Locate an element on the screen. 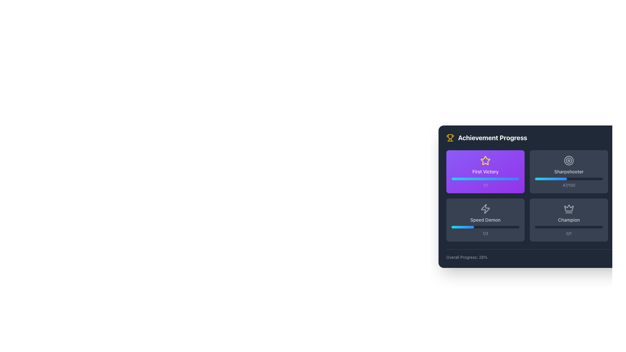  the 'Achievement Progress' header text, which is styled in bold white font and located to the right of a trophy icon in the header section is located at coordinates (493, 138).